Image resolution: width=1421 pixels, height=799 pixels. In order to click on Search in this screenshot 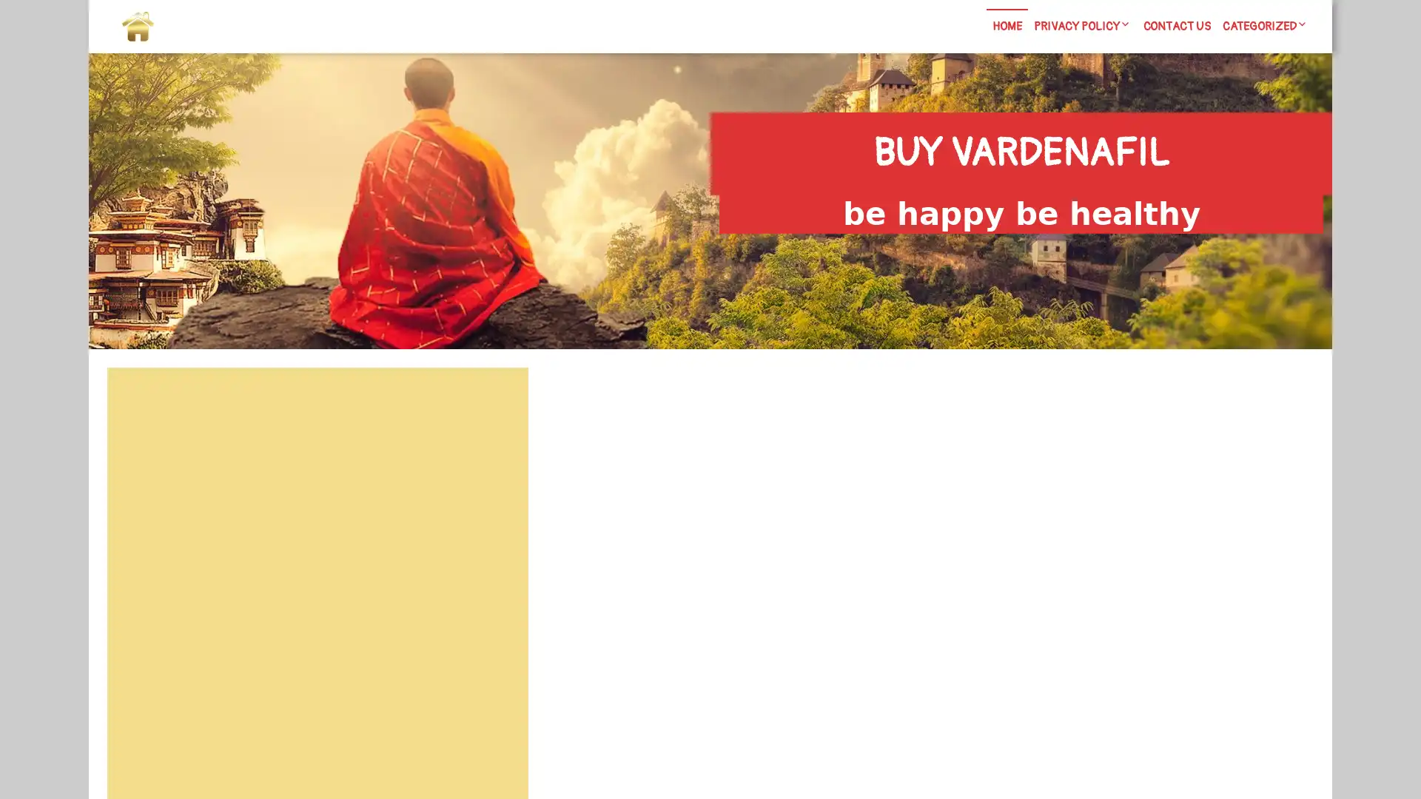, I will do `click(1152, 242)`.